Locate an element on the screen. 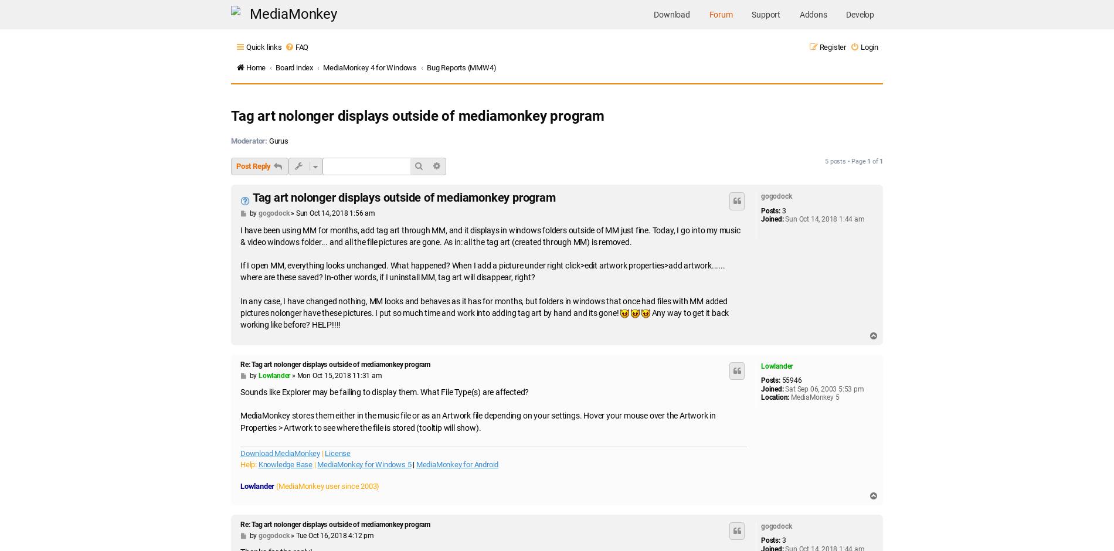  'Register' is located at coordinates (832, 47).